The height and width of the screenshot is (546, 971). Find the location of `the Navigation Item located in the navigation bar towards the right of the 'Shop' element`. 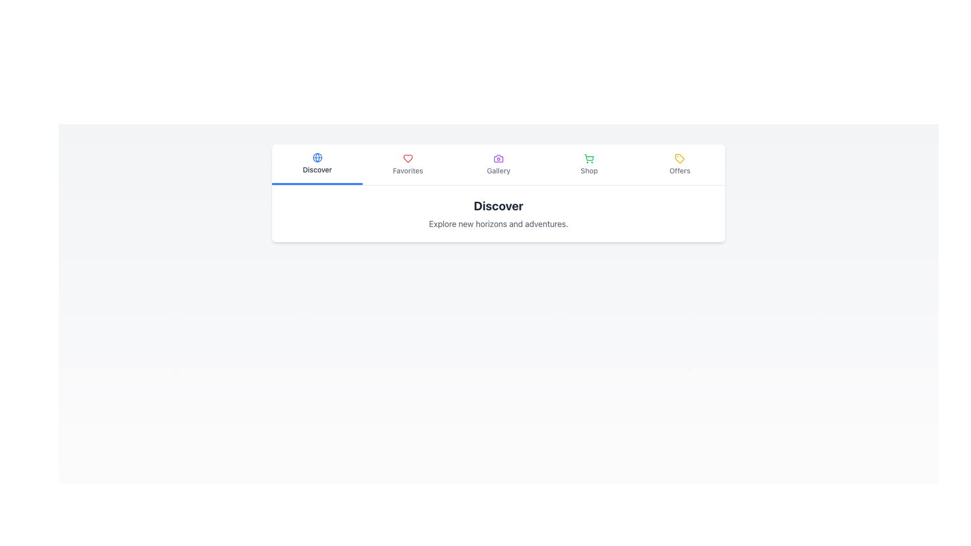

the Navigation Item located in the navigation bar towards the right of the 'Shop' element is located at coordinates (680, 164).